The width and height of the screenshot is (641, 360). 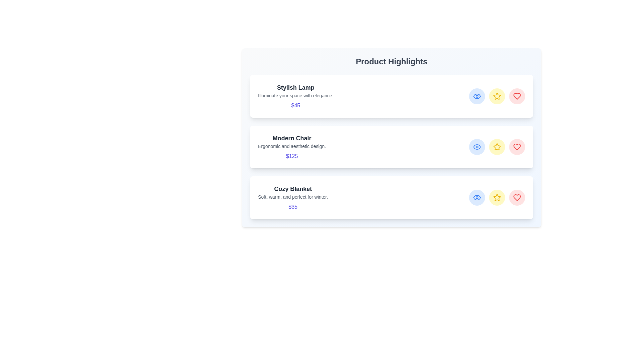 What do you see at coordinates (517, 146) in the screenshot?
I see `the like button for the Modern Chair product` at bounding box center [517, 146].